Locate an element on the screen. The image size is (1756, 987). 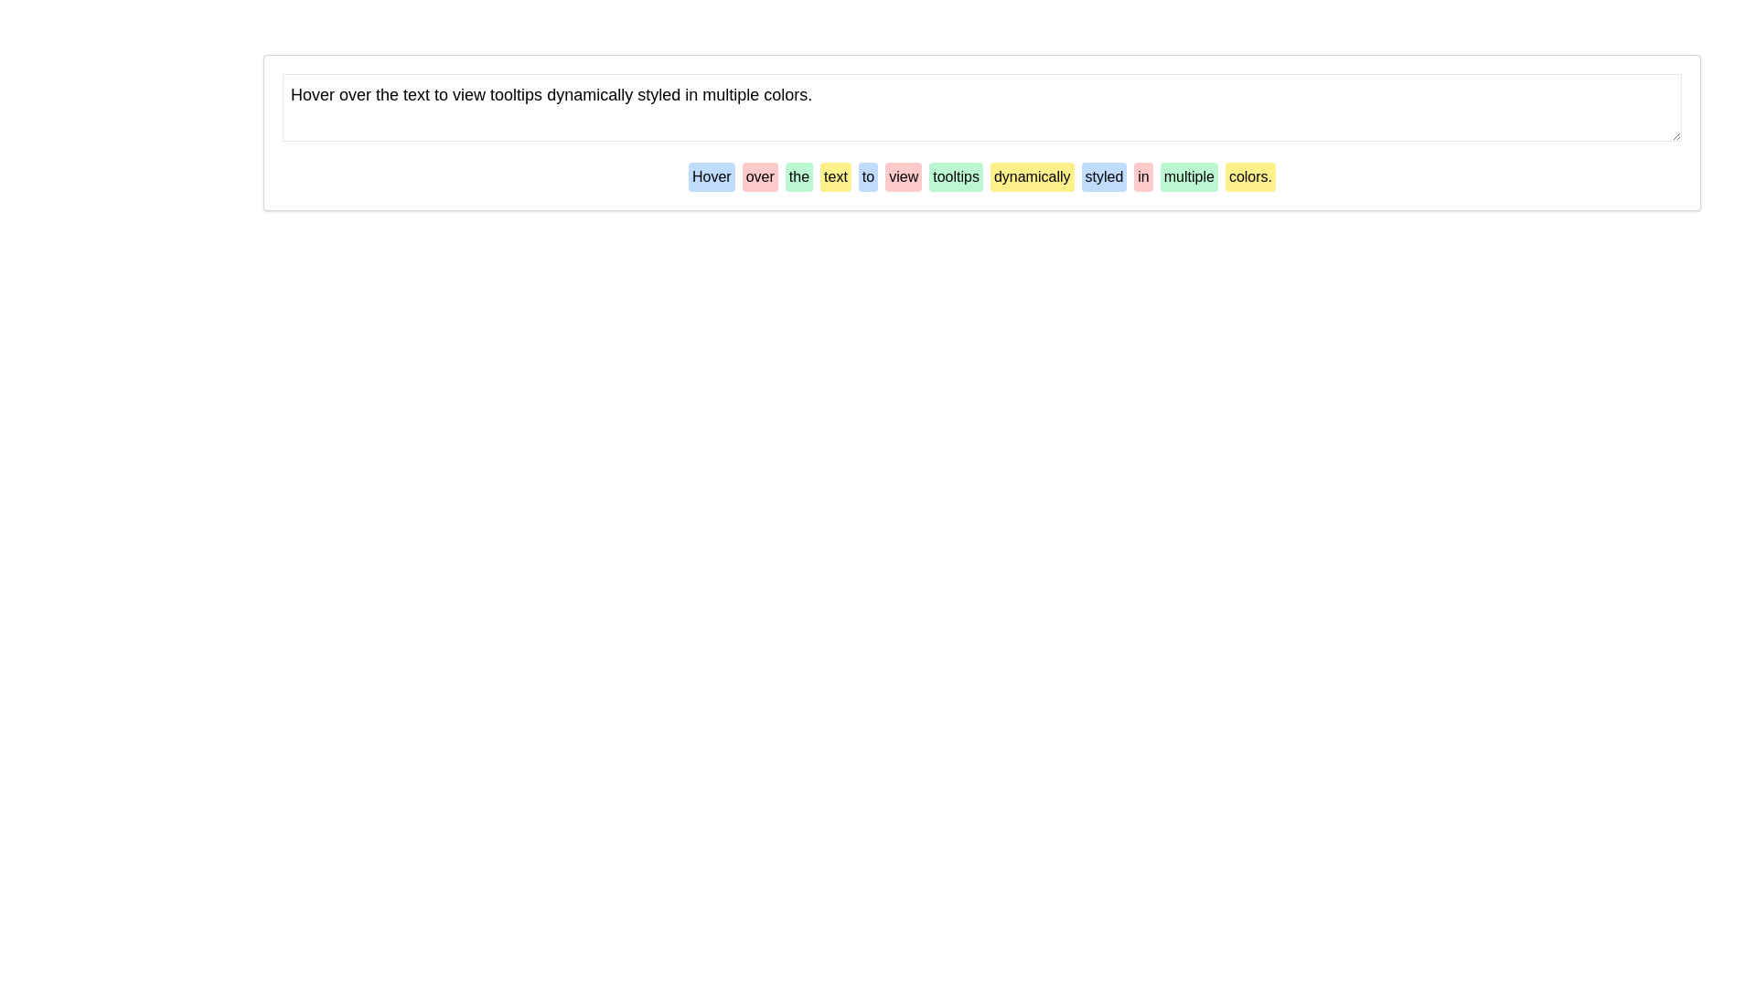
the Tooltip-trigger text element labeled 'in', which is styled with a red background and rounded corners, located in the 11th position among a row of similar components is located at coordinates (1142, 176).